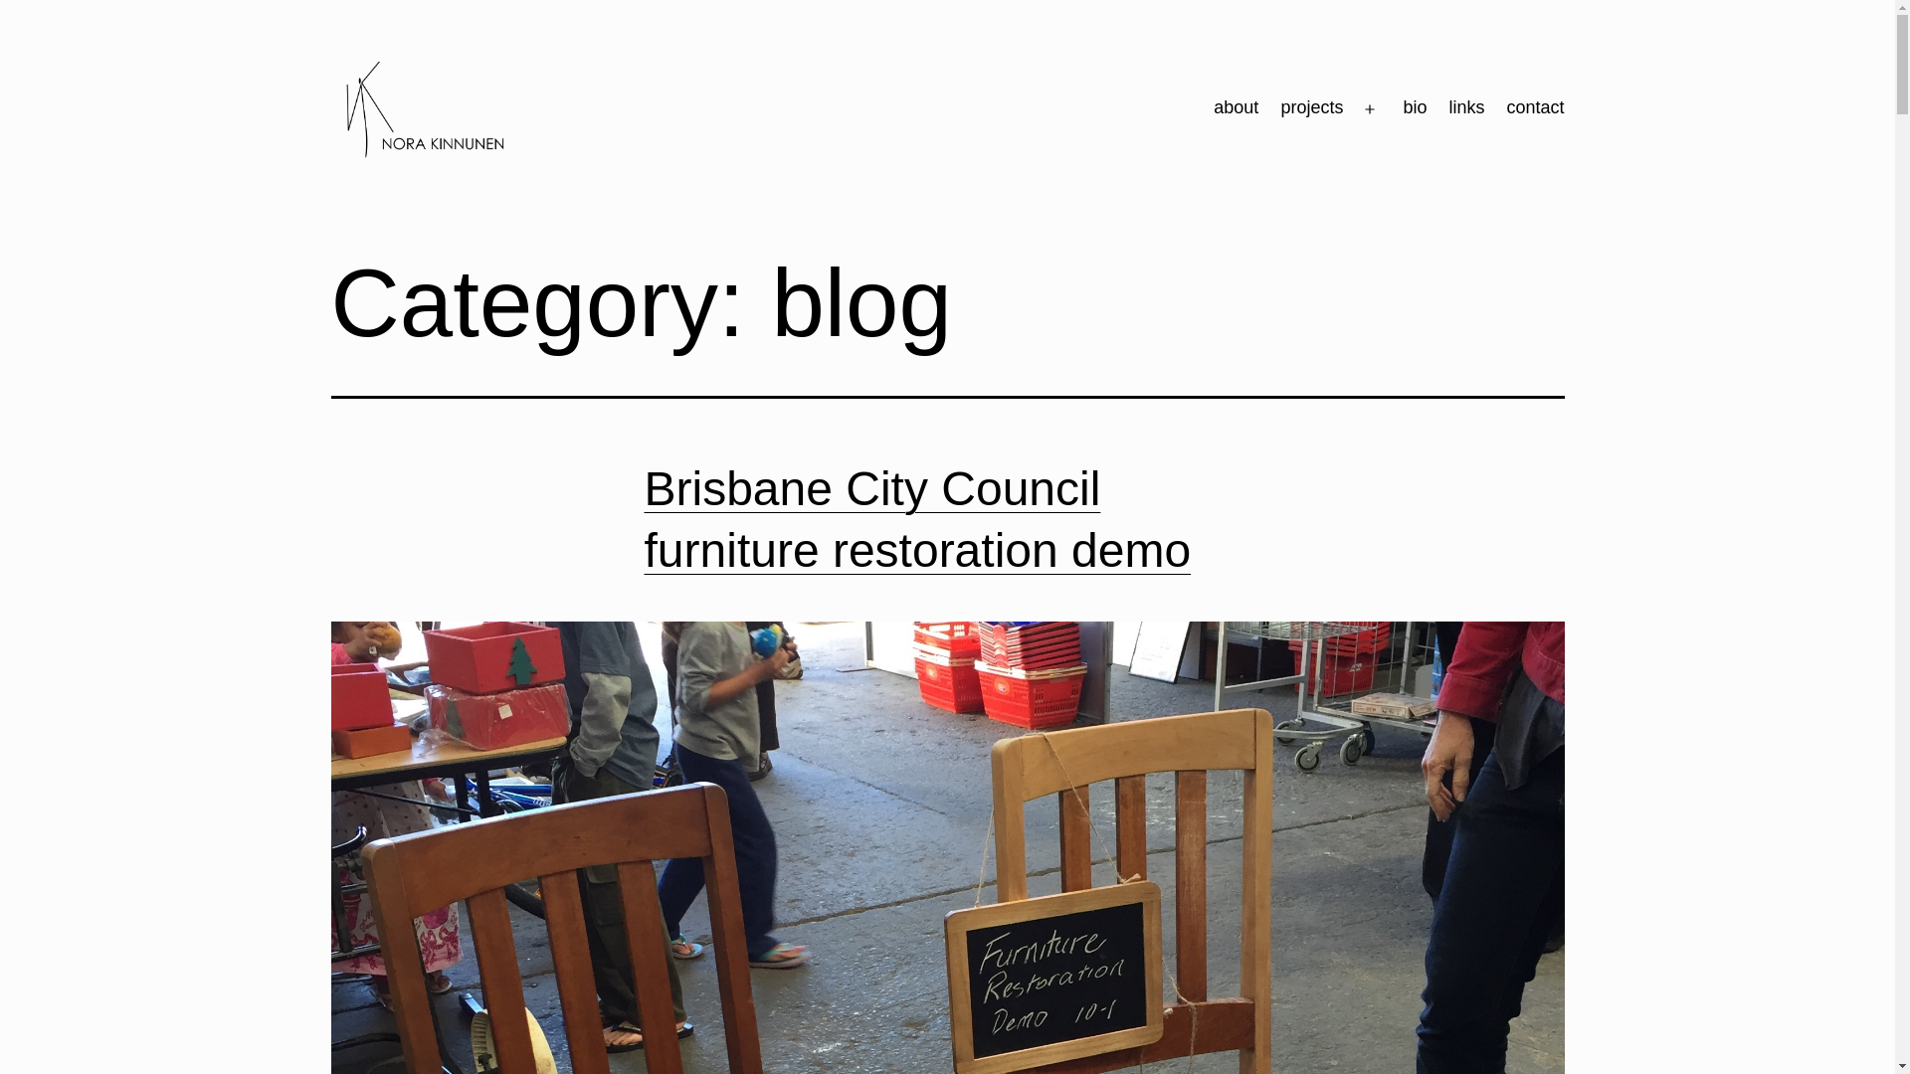 This screenshot has height=1074, width=1910. I want to click on 'Brisbane City Council furniture restoration demo', so click(645, 518).